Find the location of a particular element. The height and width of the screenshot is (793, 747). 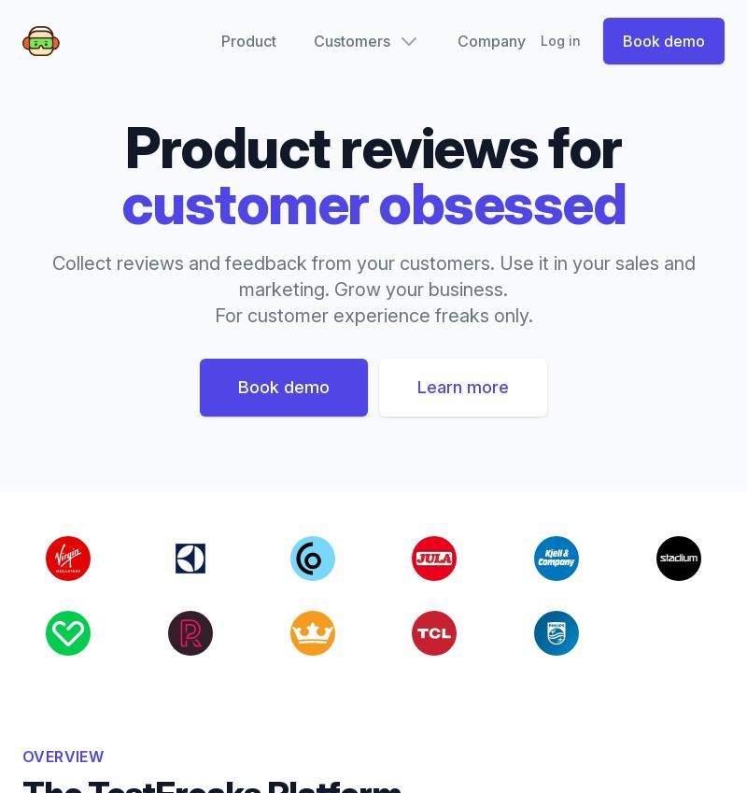

'Log in' is located at coordinates (560, 39).